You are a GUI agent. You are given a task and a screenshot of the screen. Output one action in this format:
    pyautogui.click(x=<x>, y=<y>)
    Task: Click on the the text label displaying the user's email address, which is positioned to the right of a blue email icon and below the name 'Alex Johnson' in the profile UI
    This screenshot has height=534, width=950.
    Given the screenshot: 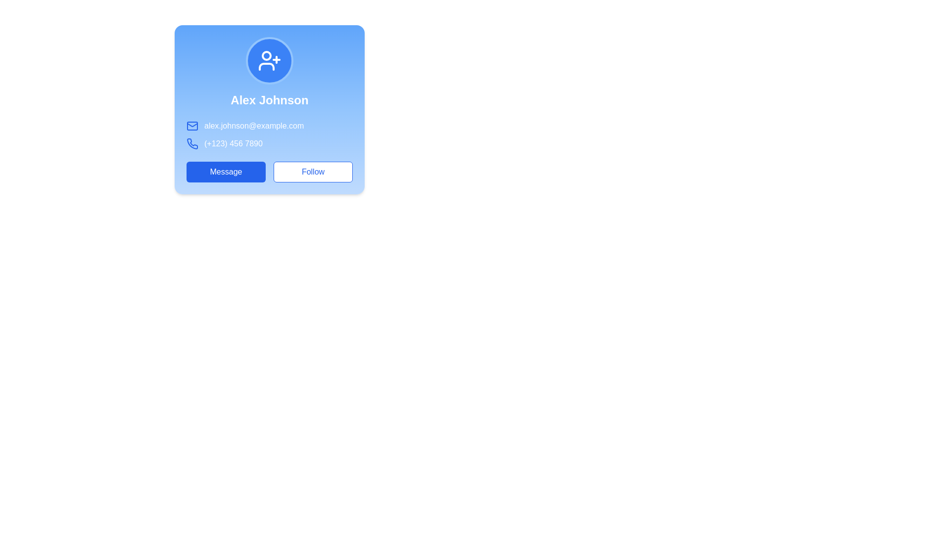 What is the action you would take?
    pyautogui.click(x=270, y=125)
    